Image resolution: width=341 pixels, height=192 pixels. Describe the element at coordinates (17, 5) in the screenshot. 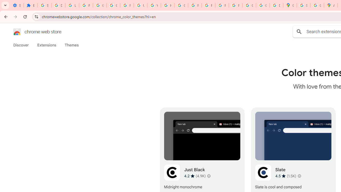

I see `'Settings - On startup'` at that location.